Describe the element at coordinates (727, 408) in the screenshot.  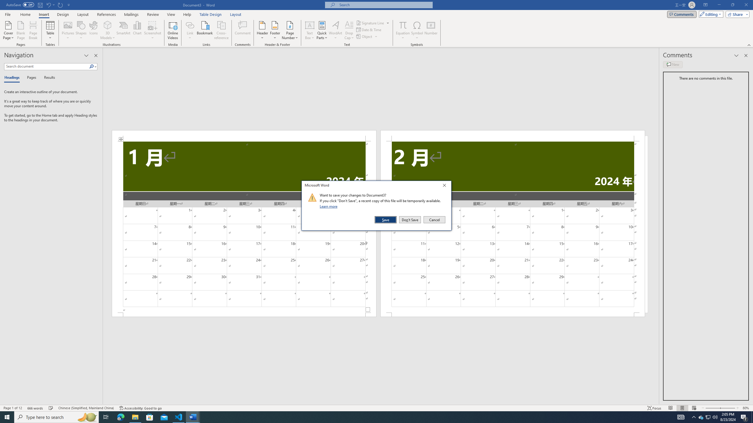
I see `'Zoom In'` at that location.